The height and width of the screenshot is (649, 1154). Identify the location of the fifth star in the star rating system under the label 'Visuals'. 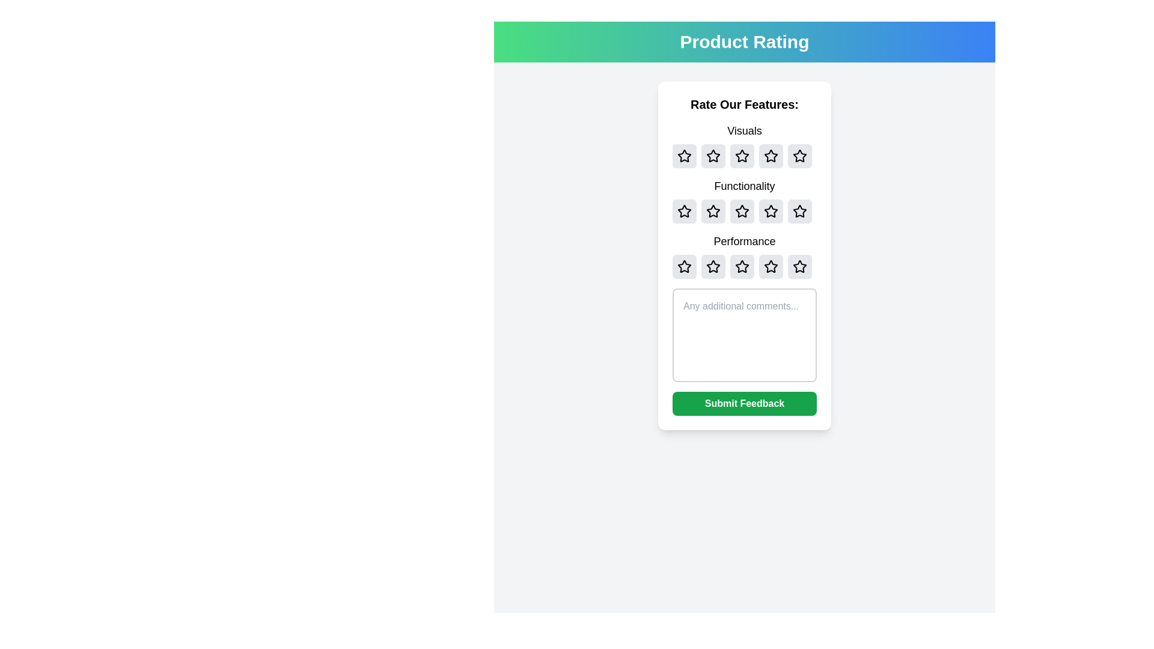
(799, 155).